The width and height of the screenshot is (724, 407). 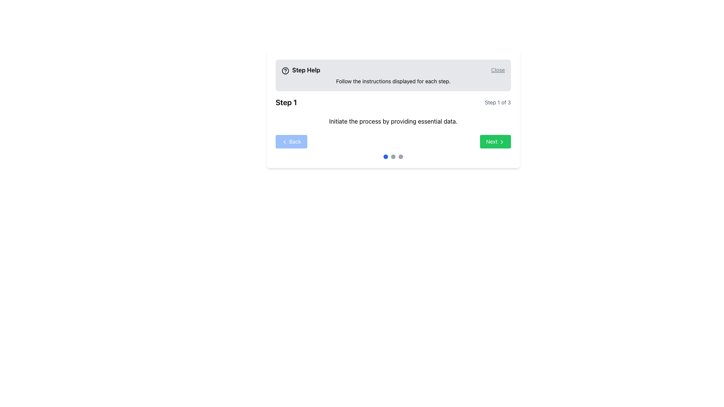 What do you see at coordinates (498, 103) in the screenshot?
I see `the Text Label that indicates the user's current progress in a multi-step process, showing they are on step 1 out of 3 steps` at bounding box center [498, 103].